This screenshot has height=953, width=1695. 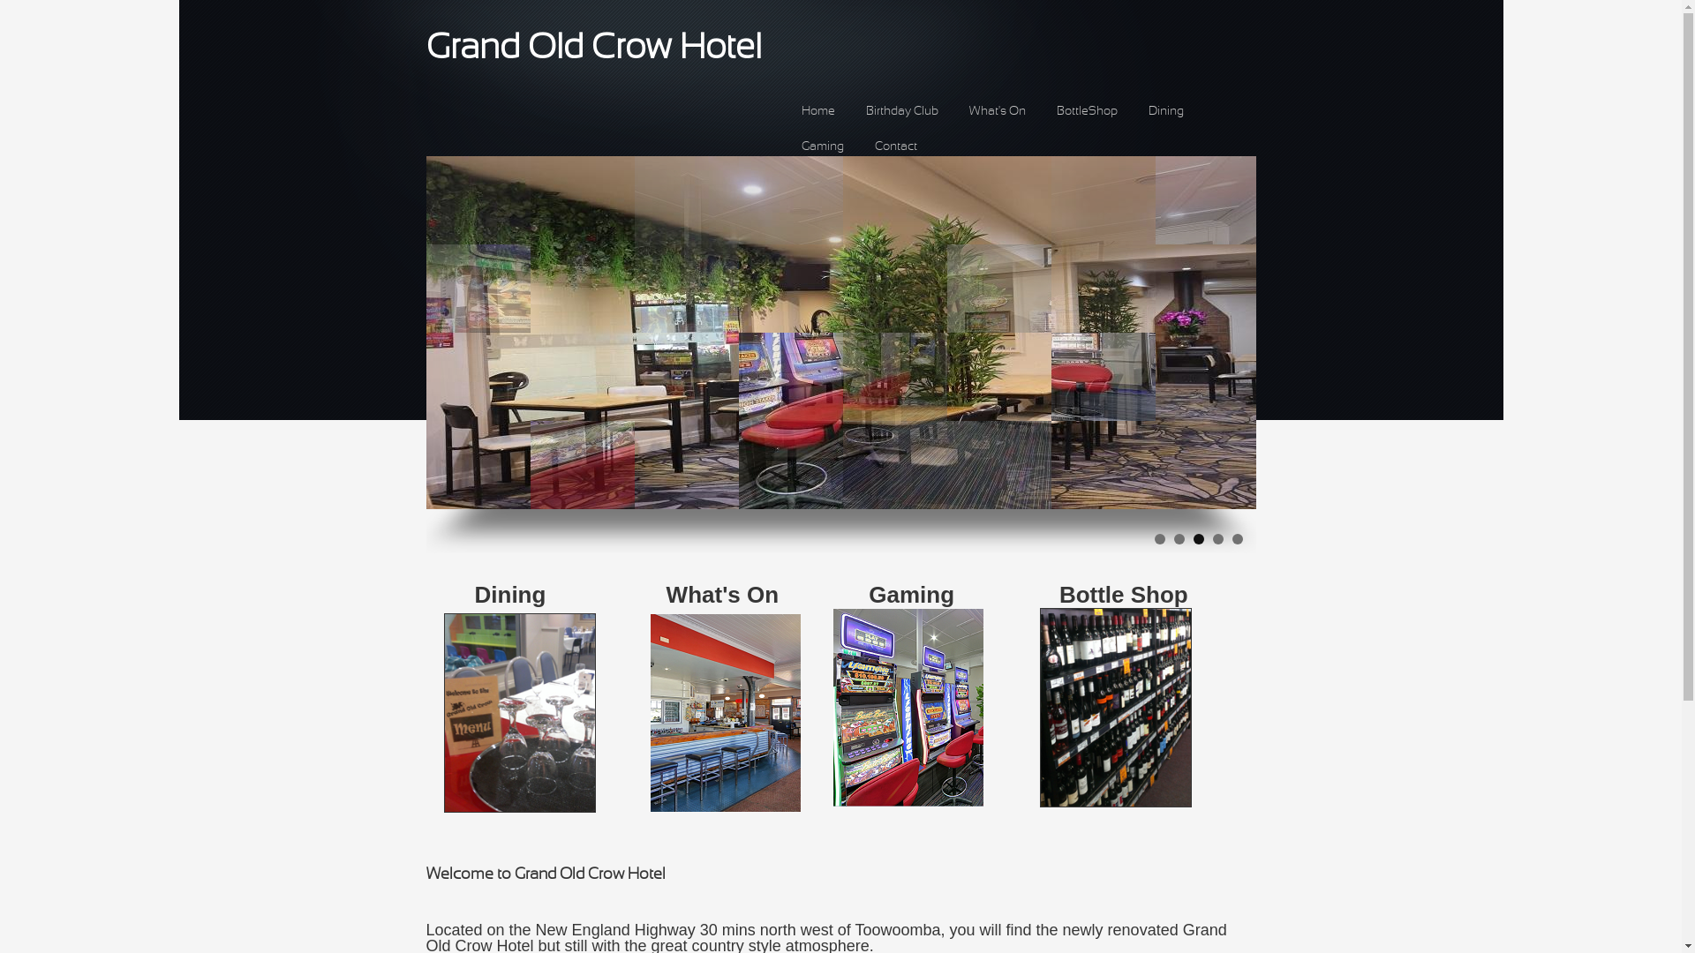 What do you see at coordinates (48, 0) in the screenshot?
I see `'Skip to main content'` at bounding box center [48, 0].